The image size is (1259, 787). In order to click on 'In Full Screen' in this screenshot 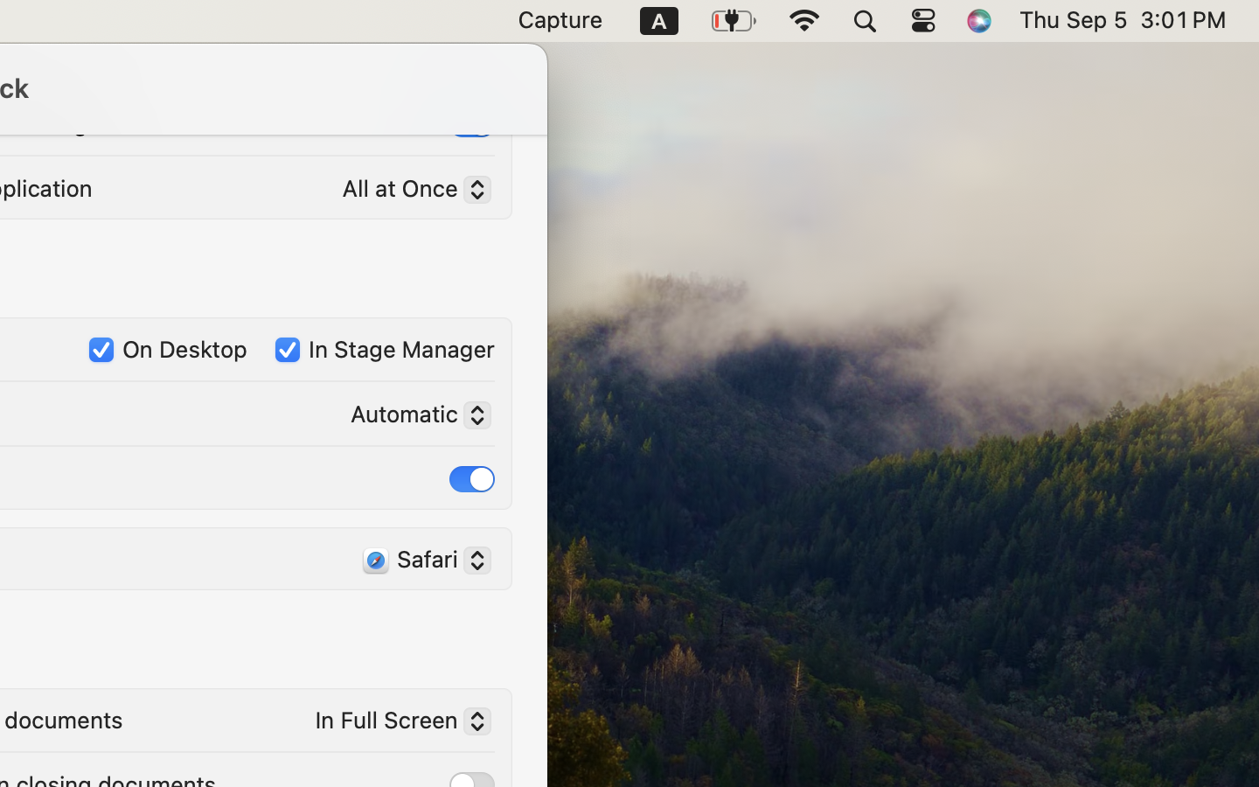, I will do `click(396, 723)`.